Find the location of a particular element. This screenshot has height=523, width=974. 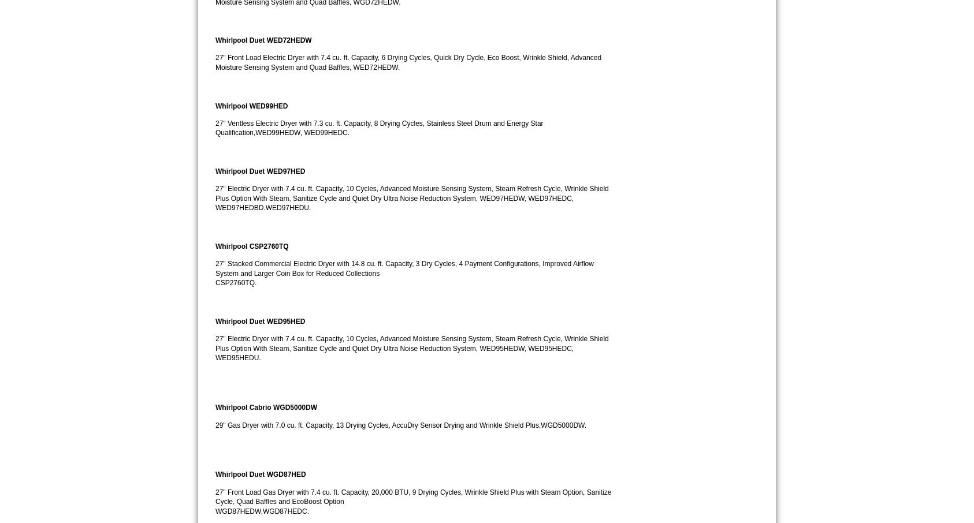

'29" Gas Dryer with 7.0 cu. ft. Capacity, 13 Drying Cycles, AccuDry Sensor Drying and Wrinkle Shield Plus,WGD5000DW.' is located at coordinates (400, 424).